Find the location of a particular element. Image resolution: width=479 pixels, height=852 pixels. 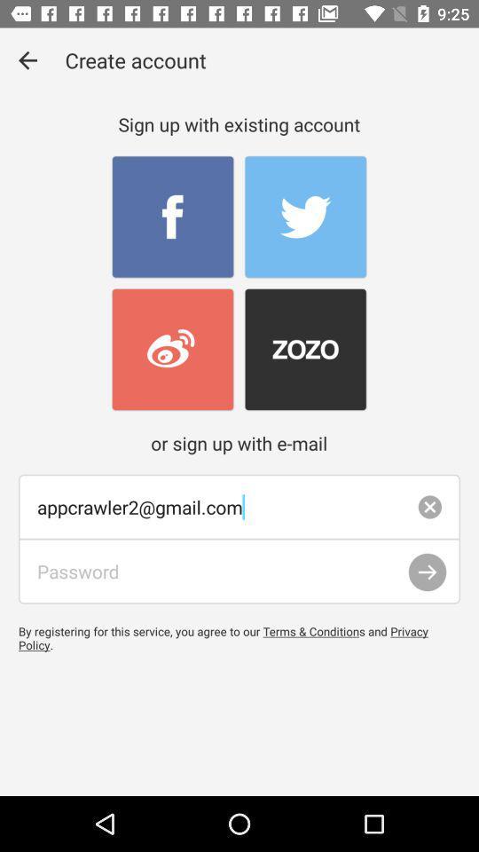

sign up with facebook is located at coordinates (173, 217).